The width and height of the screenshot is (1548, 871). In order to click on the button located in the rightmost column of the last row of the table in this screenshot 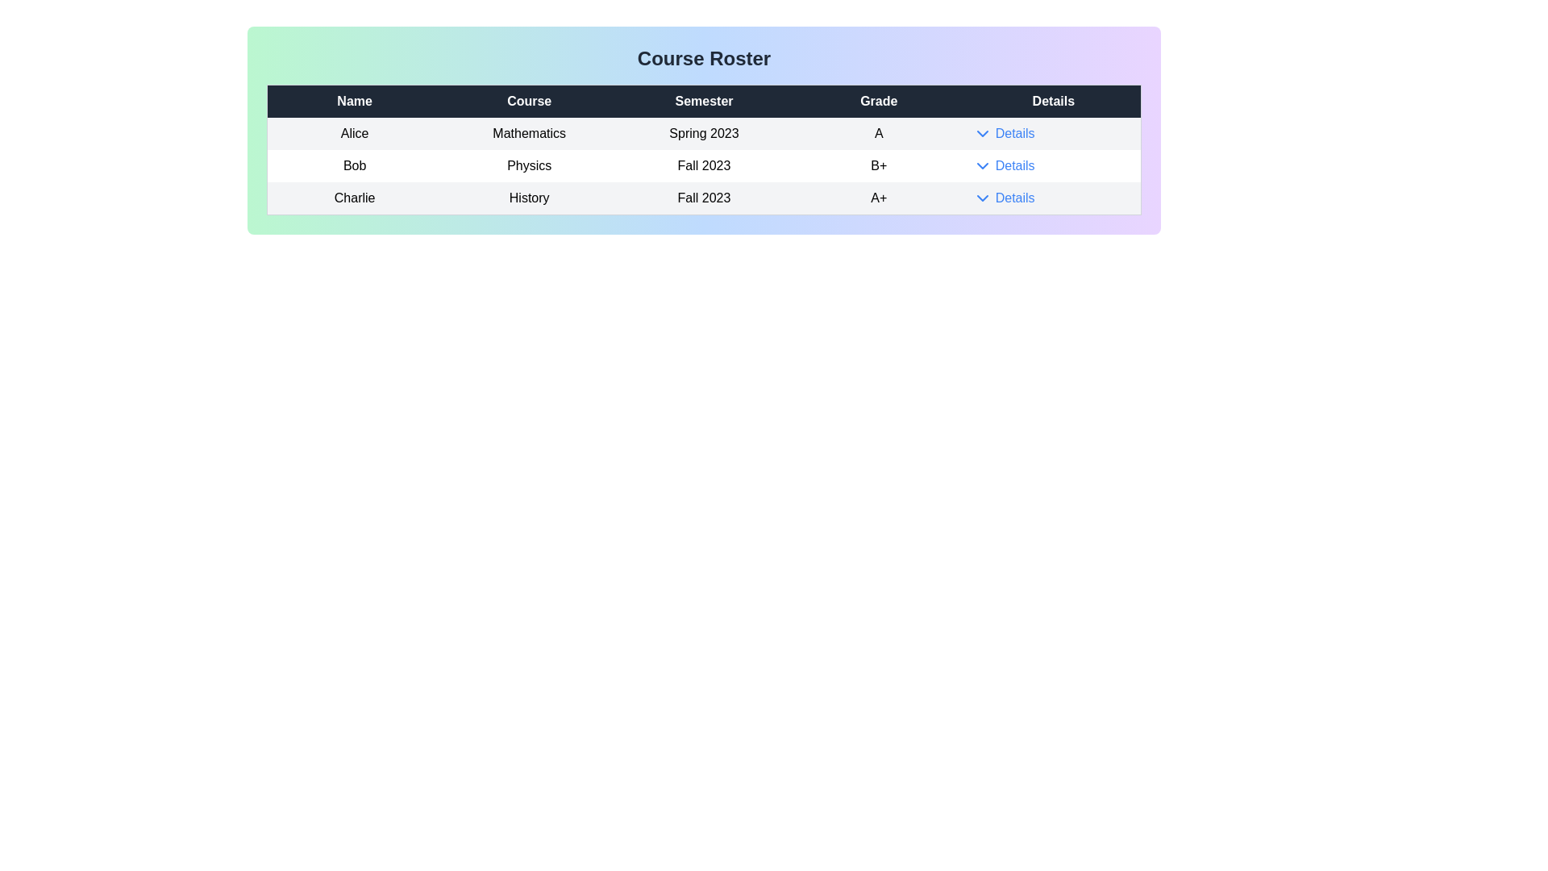, I will do `click(1054, 198)`.